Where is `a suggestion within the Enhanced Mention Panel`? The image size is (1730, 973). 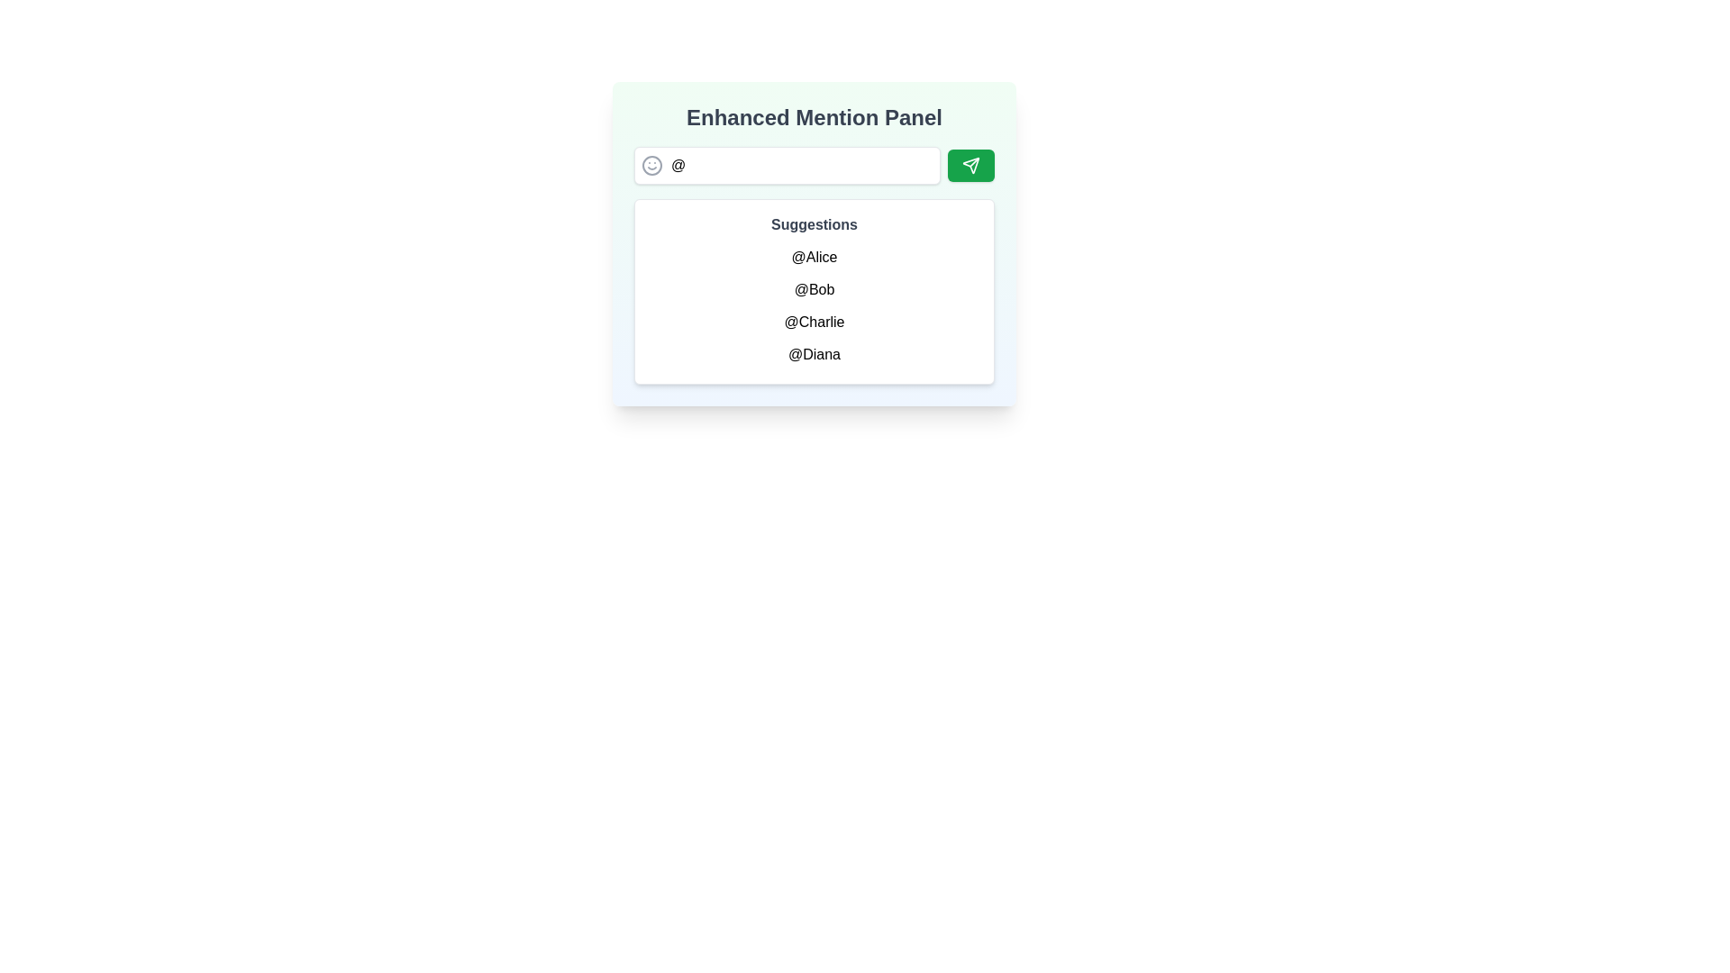 a suggestion within the Enhanced Mention Panel is located at coordinates (813, 243).